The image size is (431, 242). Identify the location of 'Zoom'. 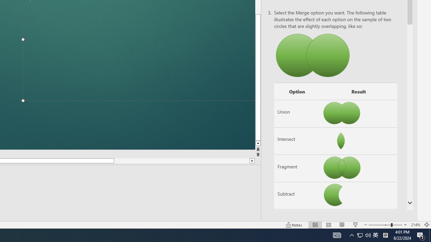
(385, 225).